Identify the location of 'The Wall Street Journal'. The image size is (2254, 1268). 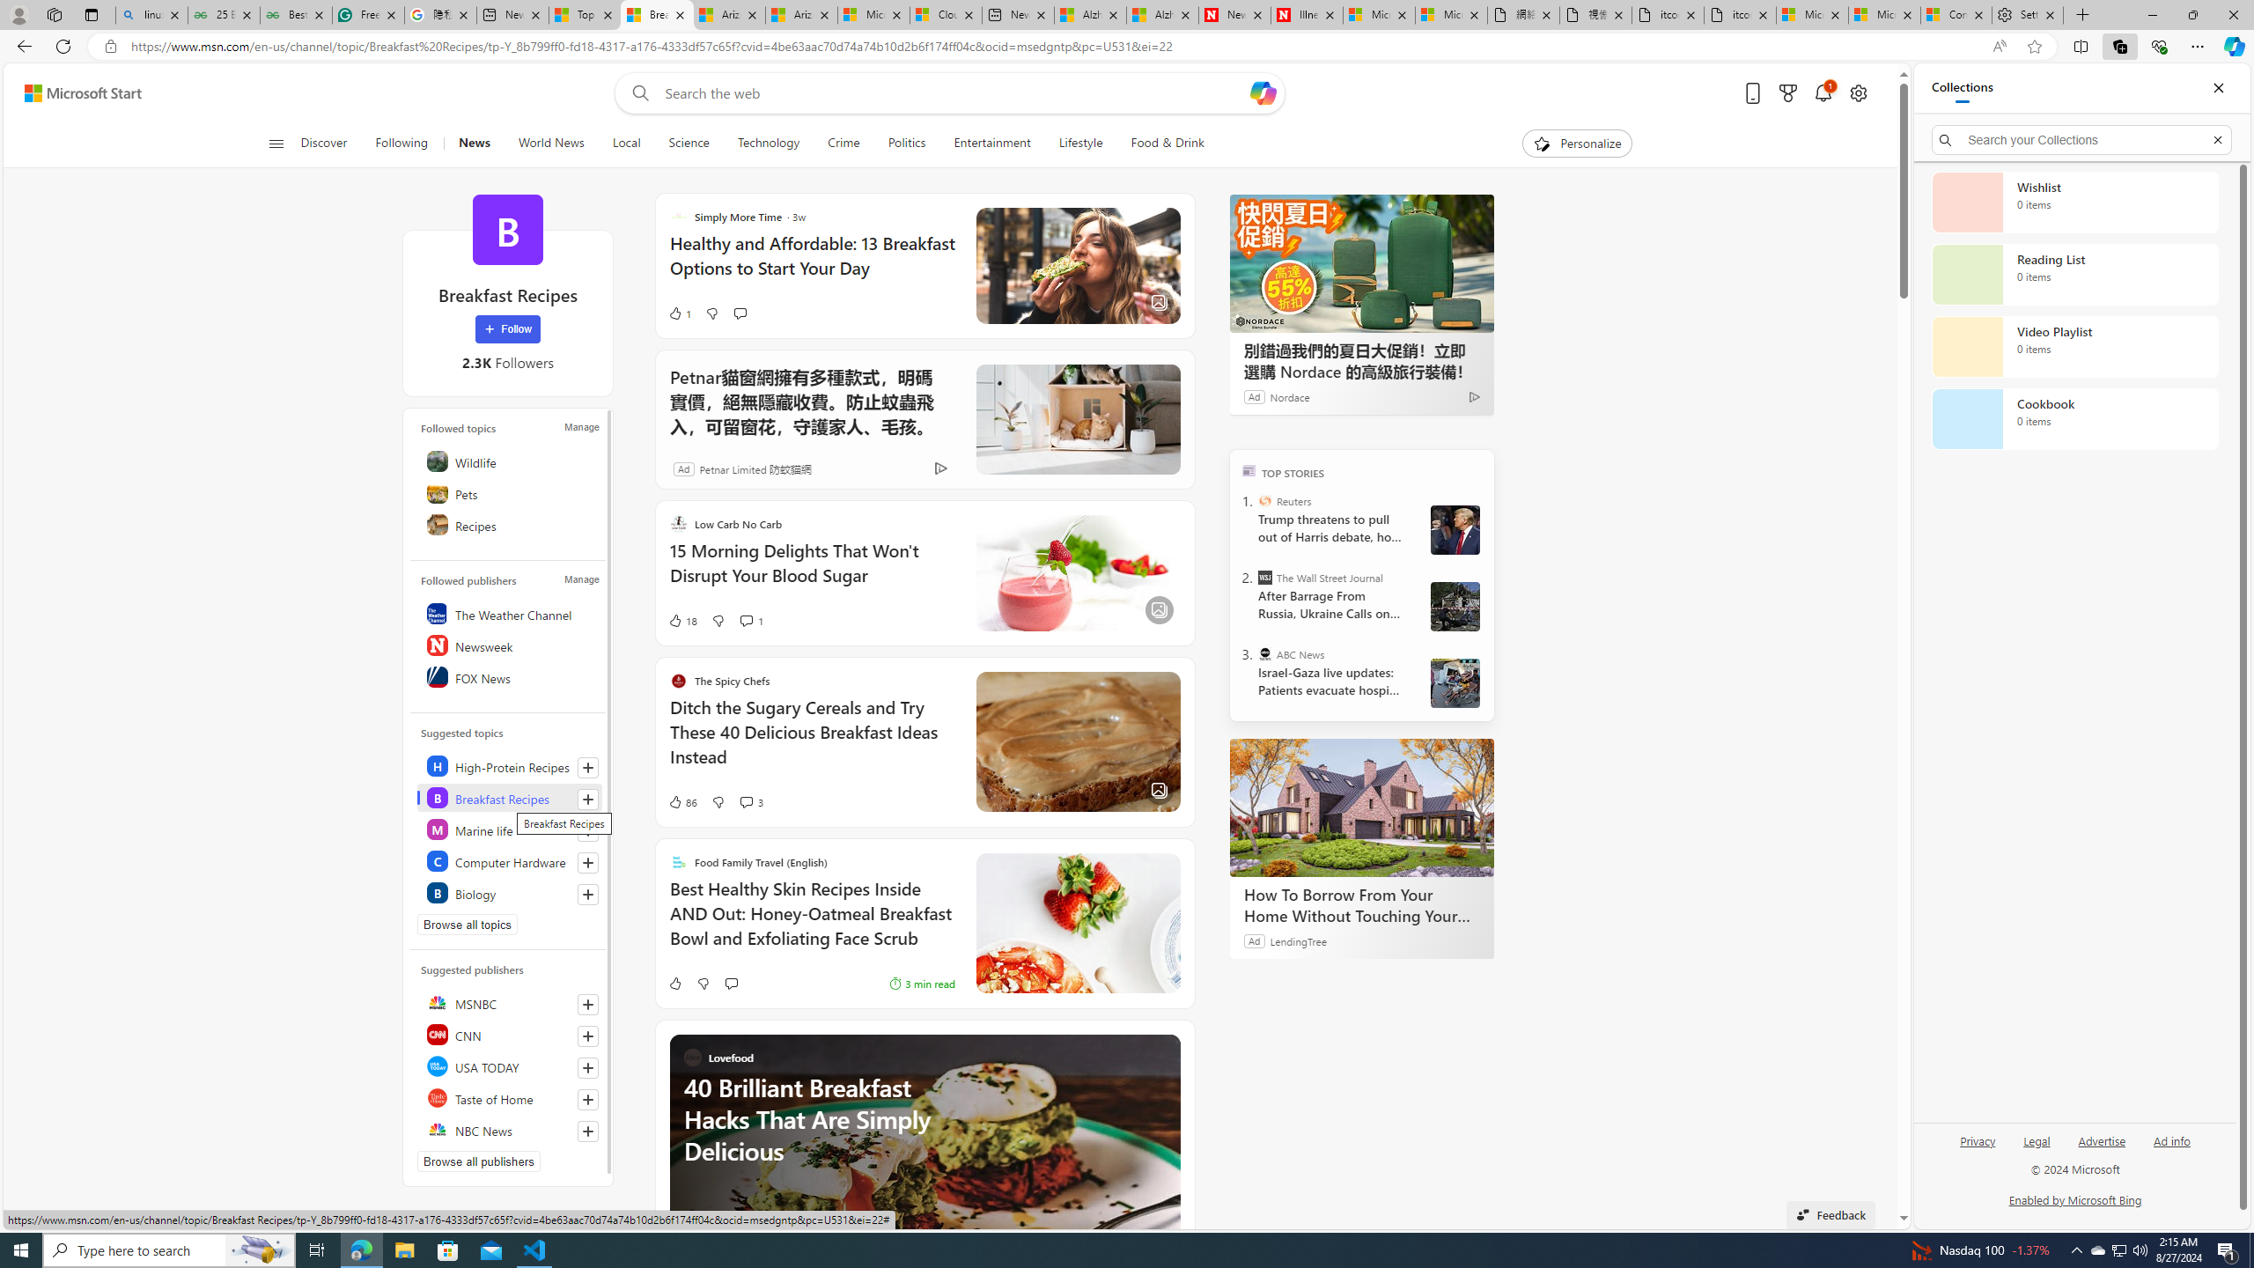
(1263, 576).